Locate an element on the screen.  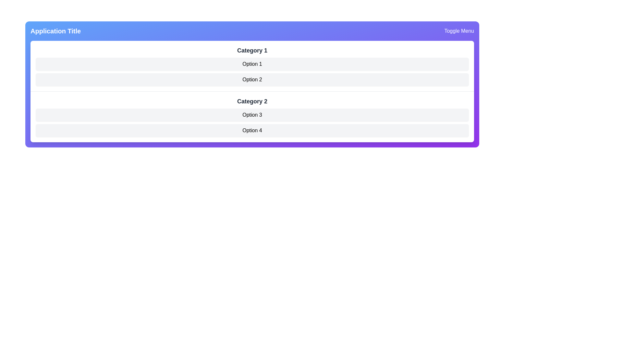
the first selectable option button located in the middle-left section of the interface within the 'Category 2' group, positioned above 'Option 4' is located at coordinates (252, 114).